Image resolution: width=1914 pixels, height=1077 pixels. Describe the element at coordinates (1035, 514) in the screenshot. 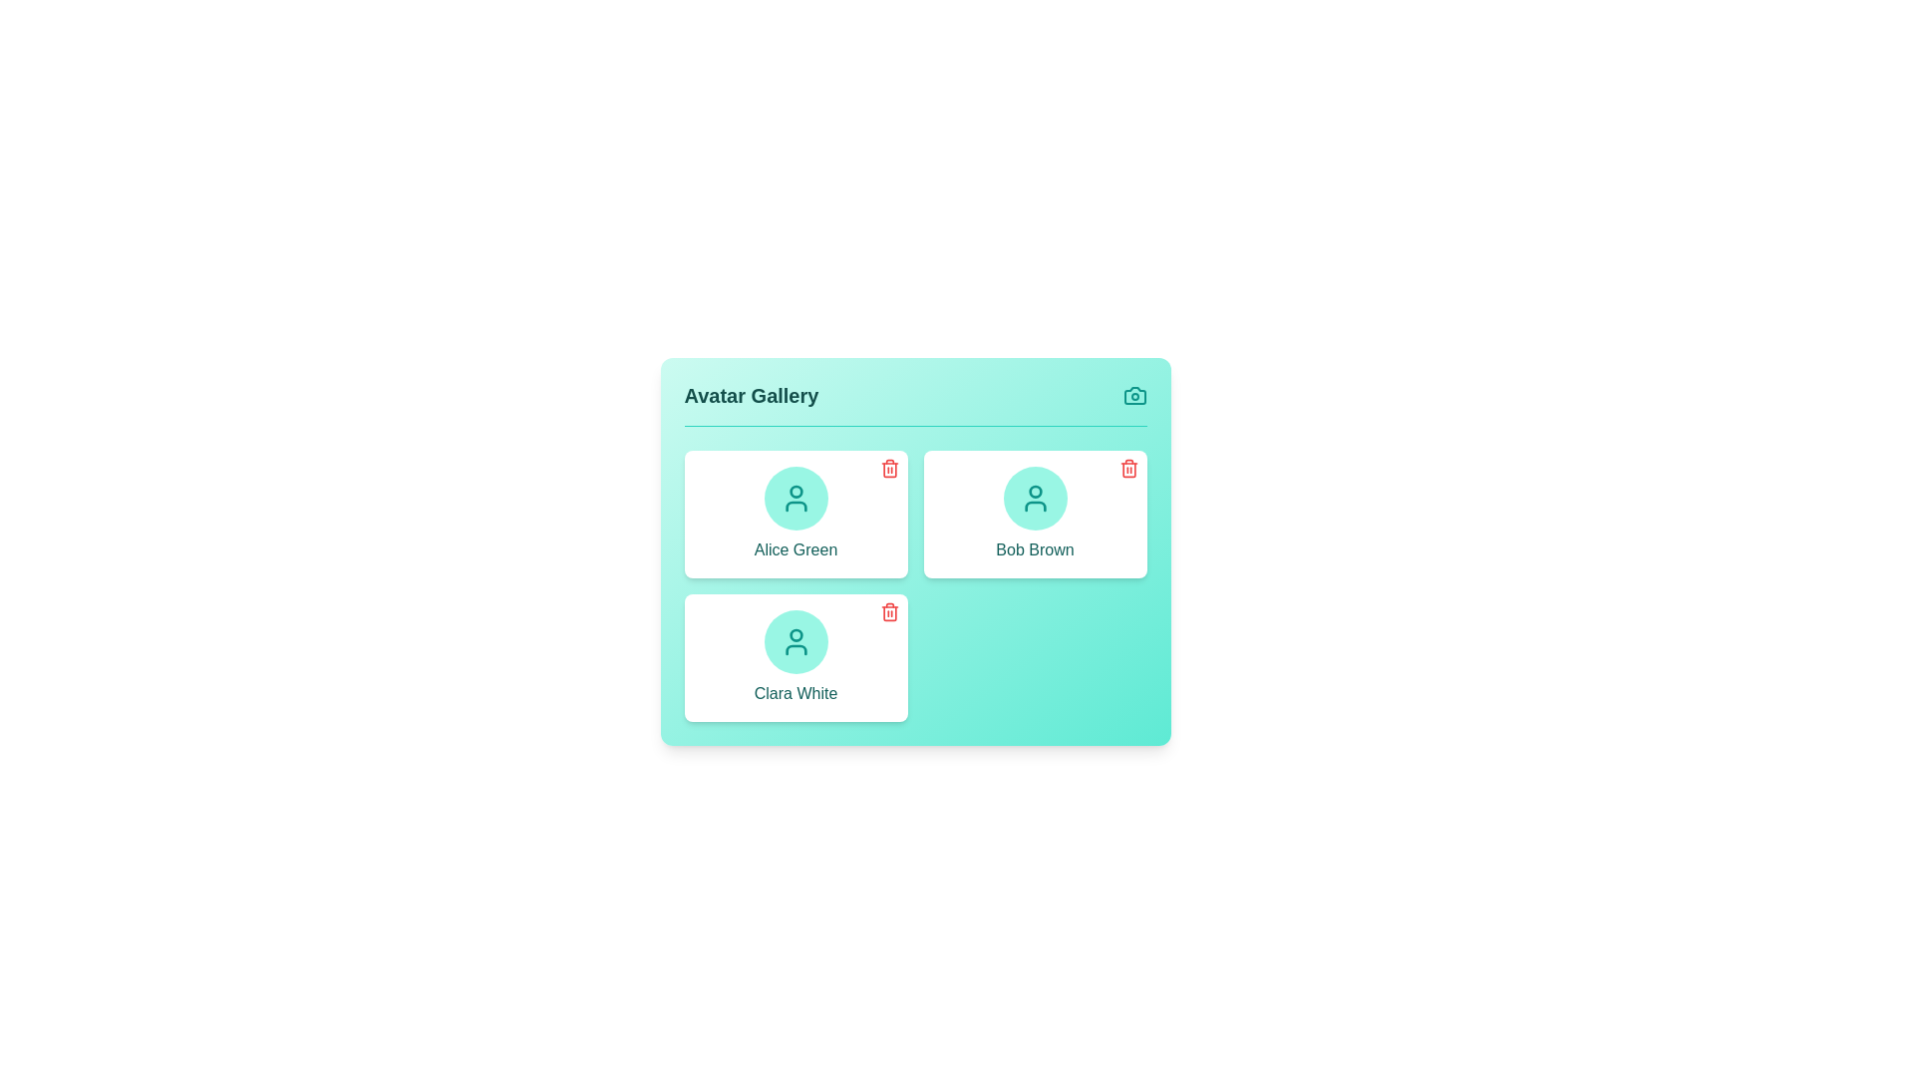

I see `the user profile card for 'Bob Brown' in the top-right position` at that location.